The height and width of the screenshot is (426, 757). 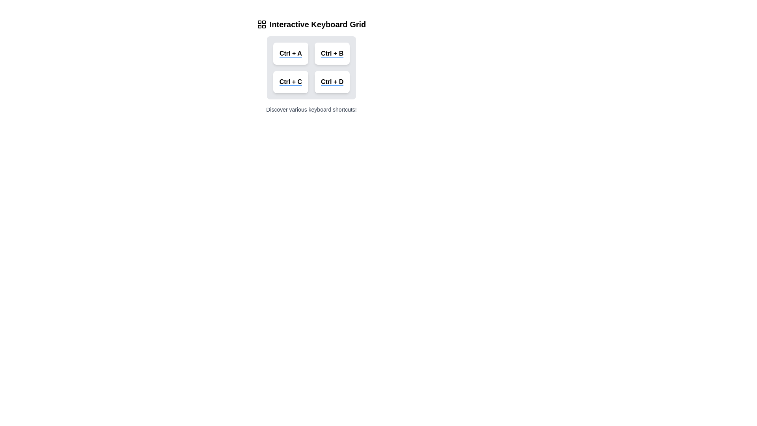 I want to click on displayed text 'Ctrl + A' from the button styled with a white background and rounded corners located in the top-left corner of the grid, so click(x=290, y=53).